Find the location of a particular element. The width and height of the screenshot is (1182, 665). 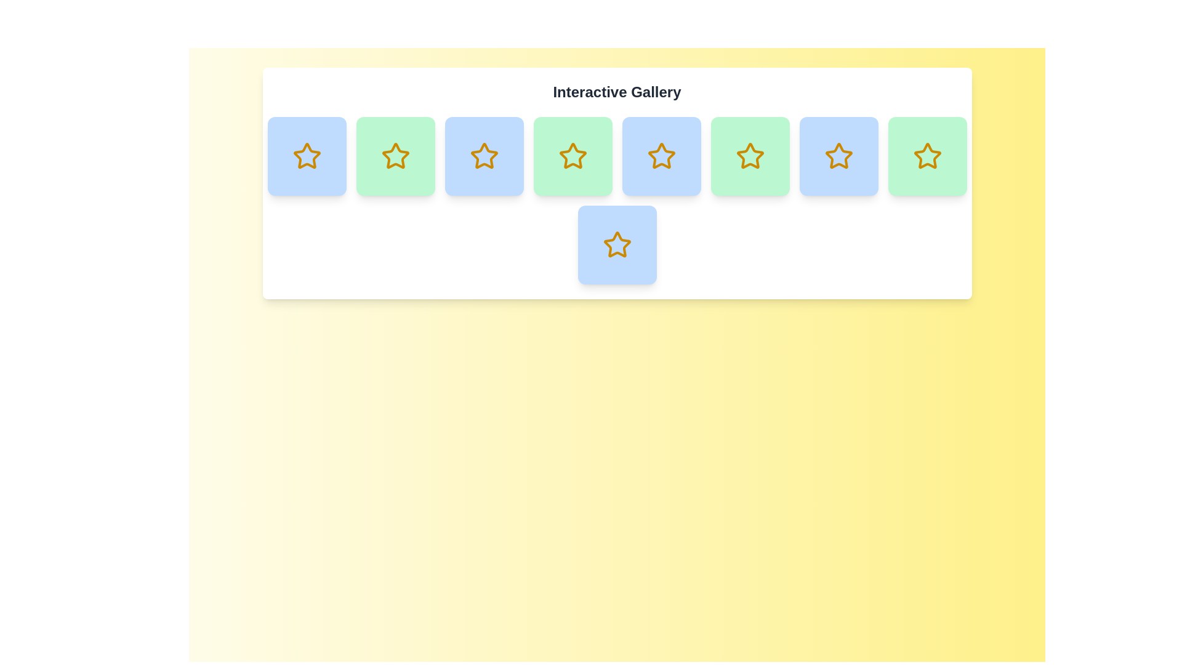

the interactive box containing an icon, which is the first element in a horizontally aligned grid, positioned at the top-left corner is located at coordinates (307, 156).